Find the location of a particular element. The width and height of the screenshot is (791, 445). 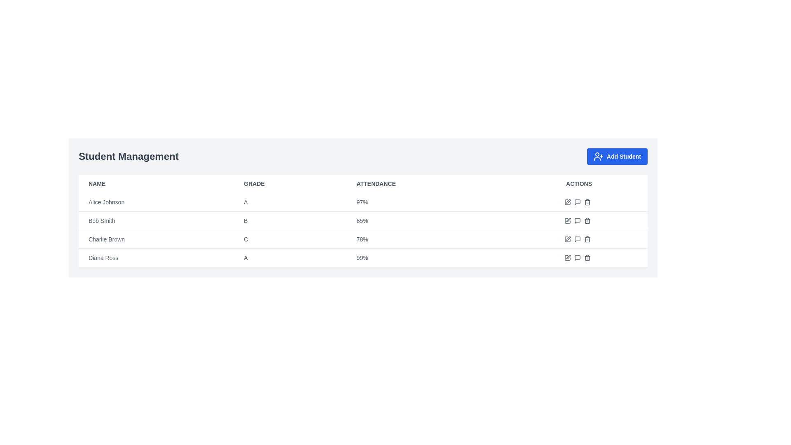

the first icon in the 'Actions' column of the second row of the table, which resembles a square is located at coordinates (567, 220).